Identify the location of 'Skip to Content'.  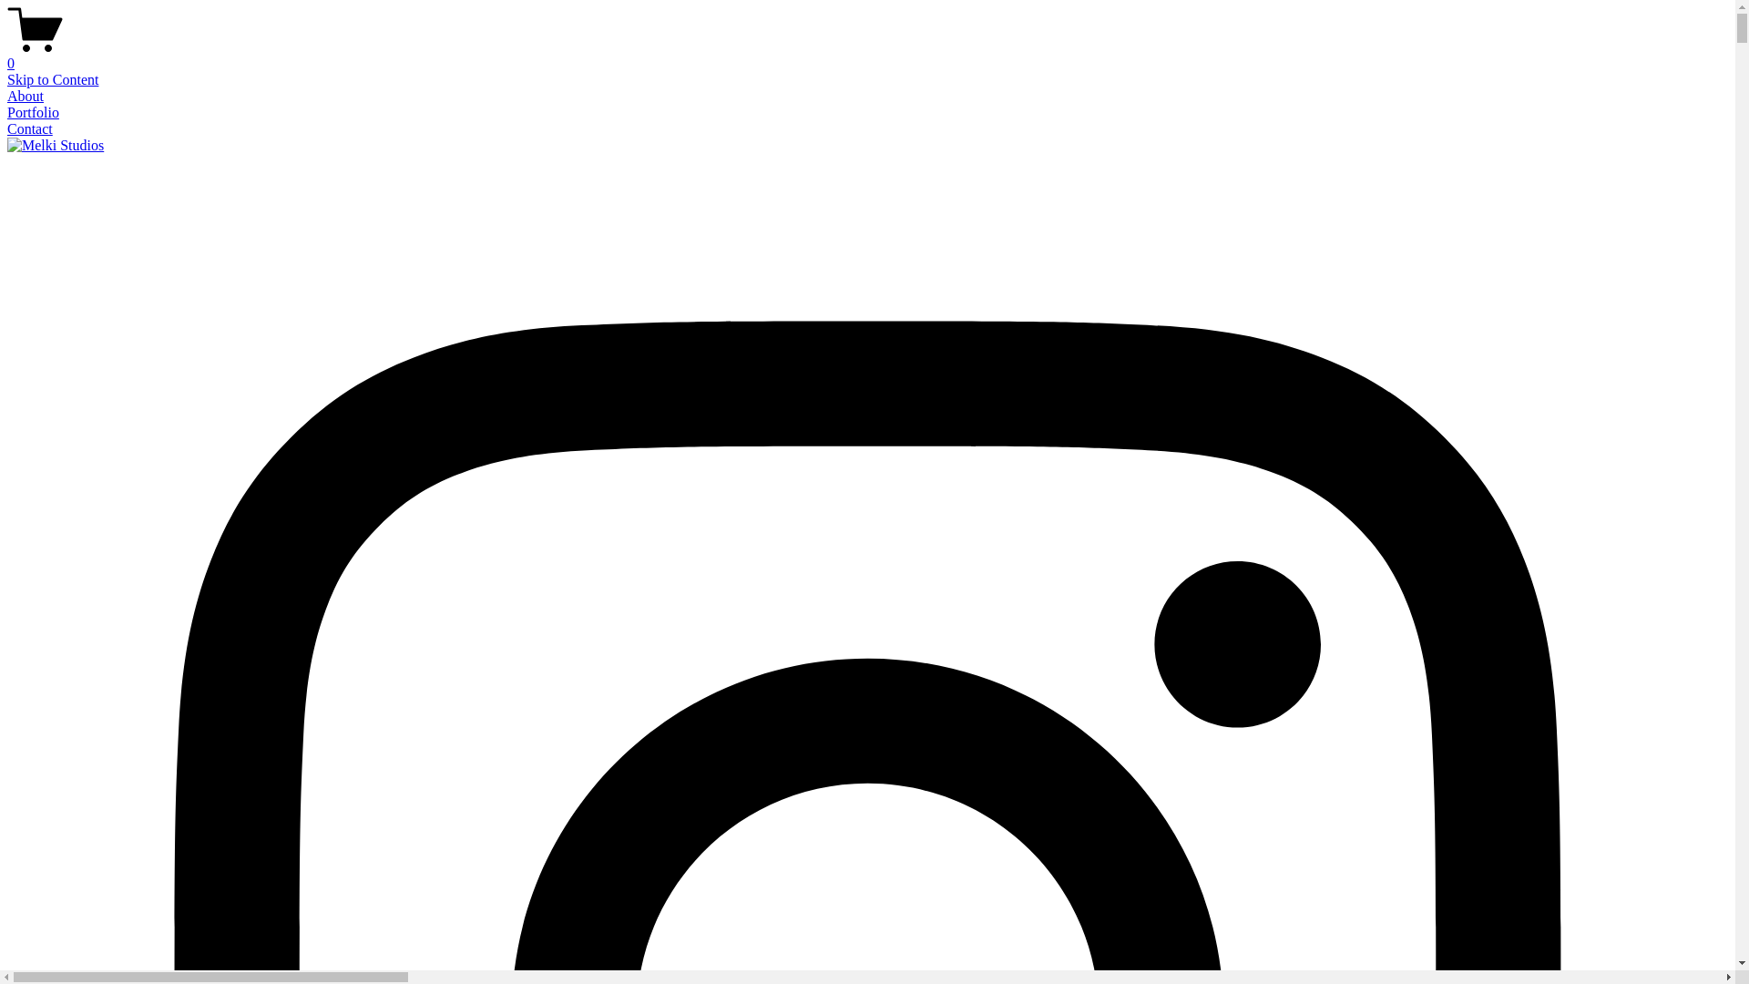
(7, 78).